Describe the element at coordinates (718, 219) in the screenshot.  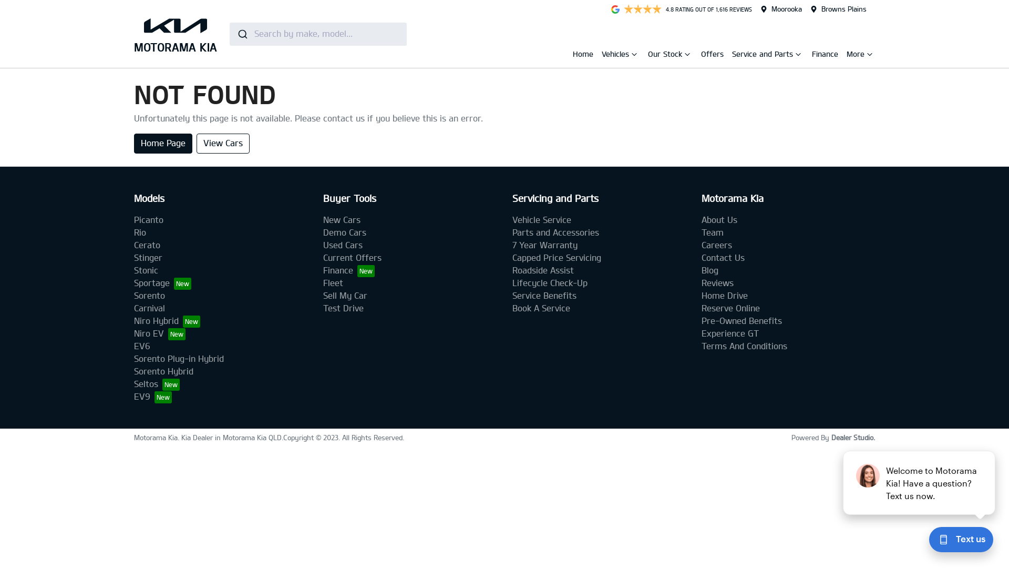
I see `'About Us'` at that location.